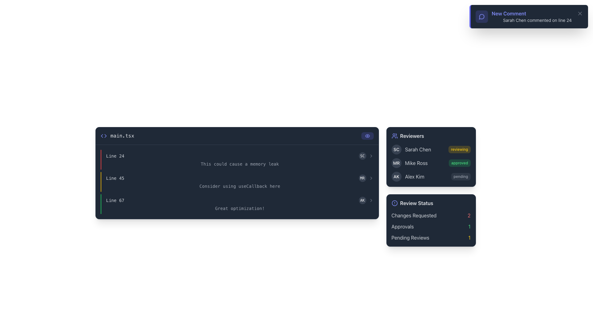 The height and width of the screenshot is (333, 593). I want to click on the reviewers icon positioned to the left of the heading text 'Reviewers' in the designated reviewers panel, so click(394, 135).